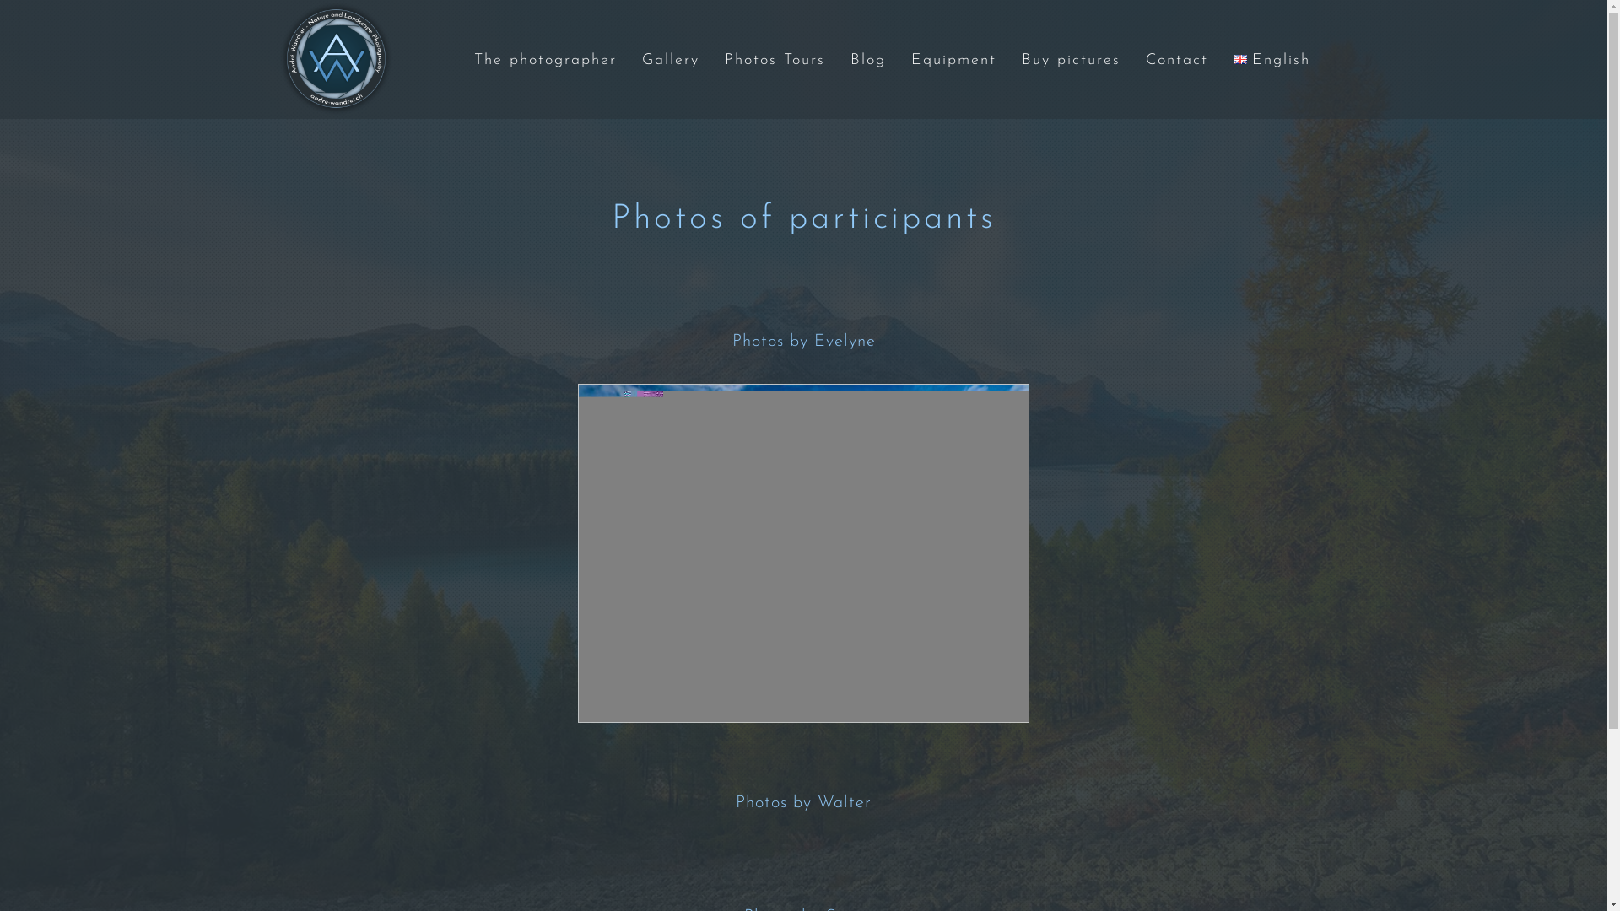 The image size is (1620, 911). What do you see at coordinates (867, 60) in the screenshot?
I see `'Blog'` at bounding box center [867, 60].